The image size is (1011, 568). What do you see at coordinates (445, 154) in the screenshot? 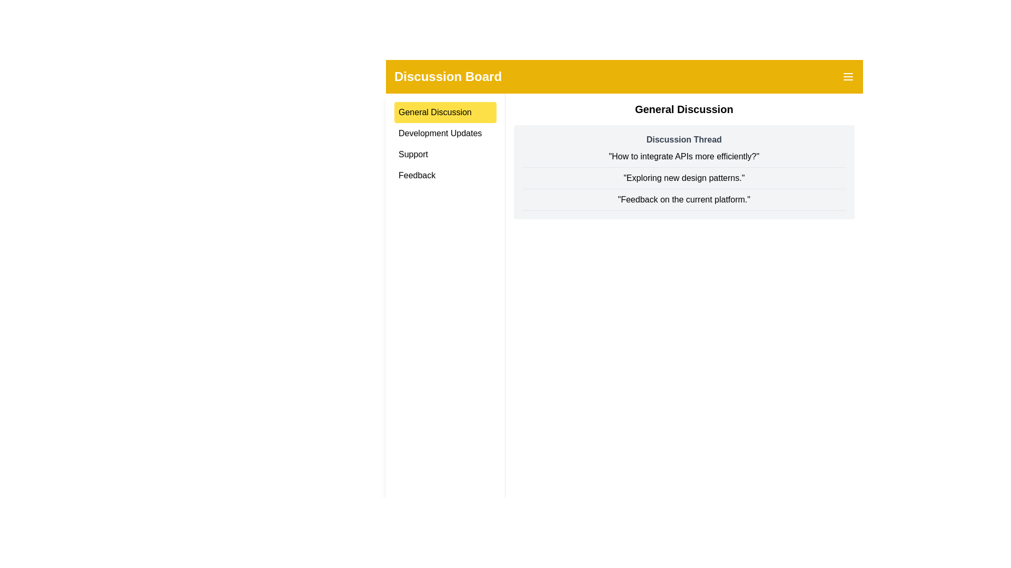
I see `the topic Support in the sidebar to select it` at bounding box center [445, 154].